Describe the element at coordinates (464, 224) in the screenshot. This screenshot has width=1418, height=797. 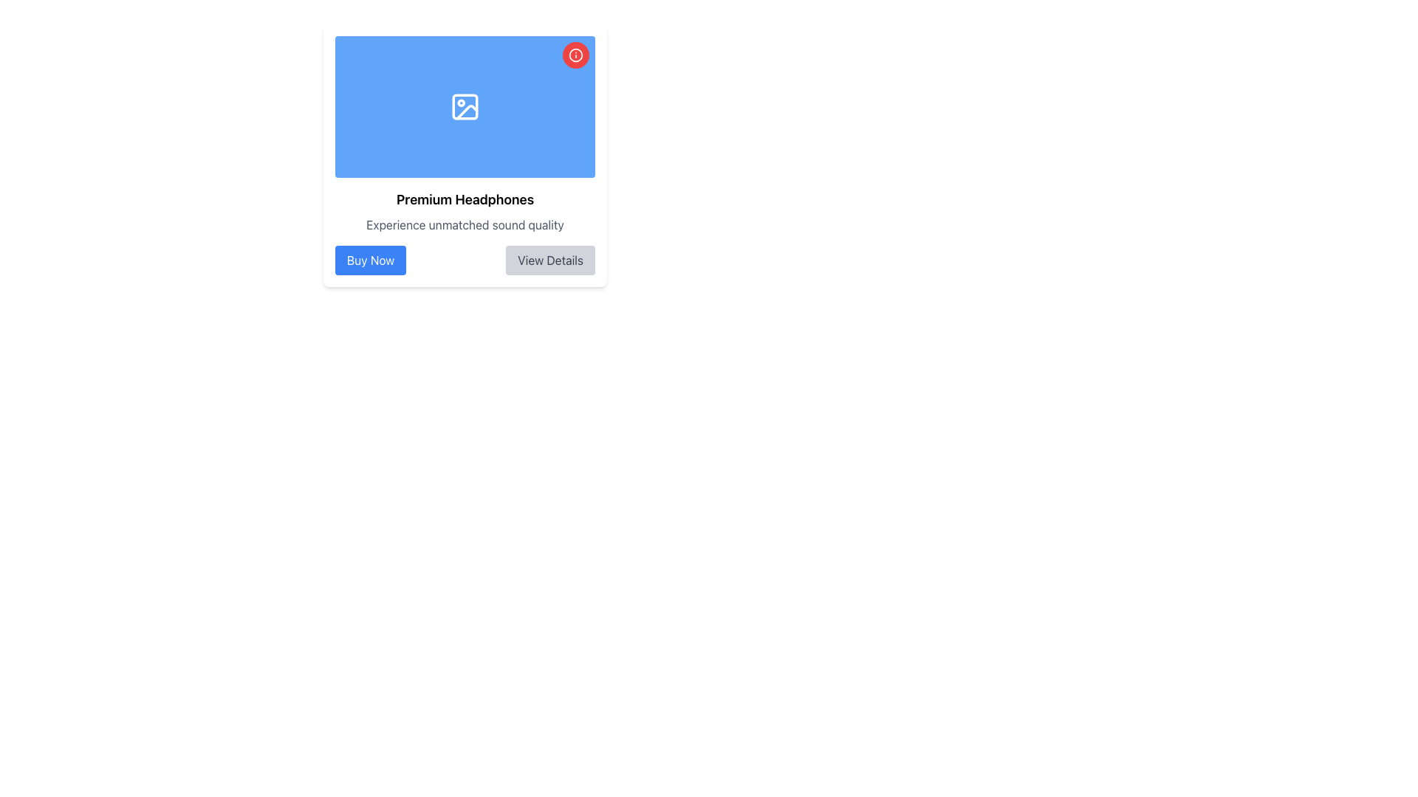
I see `the text element that says 'Experience unmatched sound quality', which is styled in gray and positioned below the 'Premium Headphones' heading` at that location.